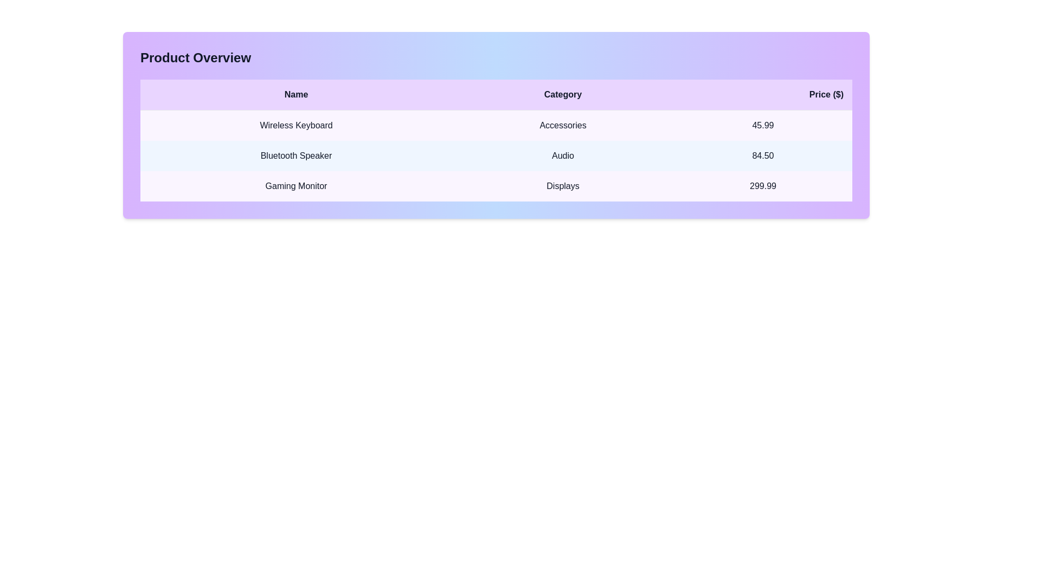  I want to click on the 'Bluetooth Speaker' text label in the first column of the second row within the 'Product Overview' table, so click(296, 156).